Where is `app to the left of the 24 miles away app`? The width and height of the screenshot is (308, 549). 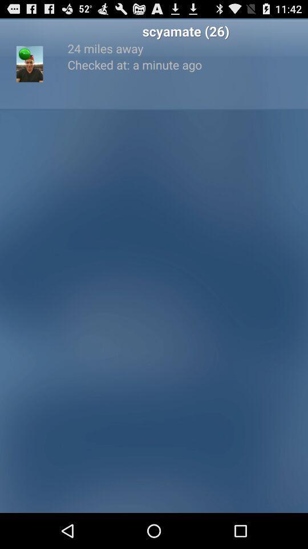 app to the left of the 24 miles away app is located at coordinates (25, 54).